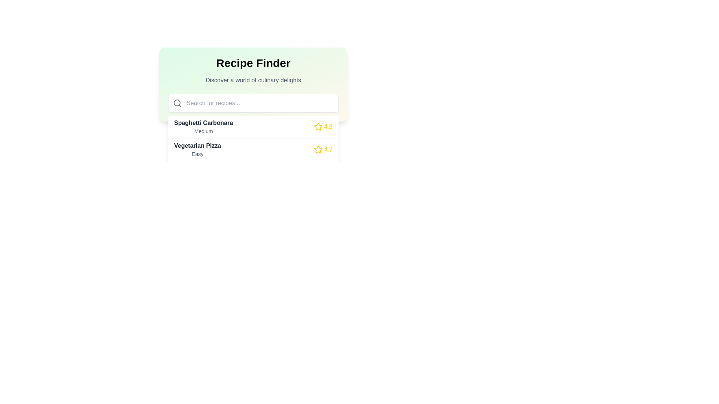  Describe the element at coordinates (197, 154) in the screenshot. I see `text content of the informational label located beneath the 'Vegetarian Pizza' label in the second row of the vertical list` at that location.